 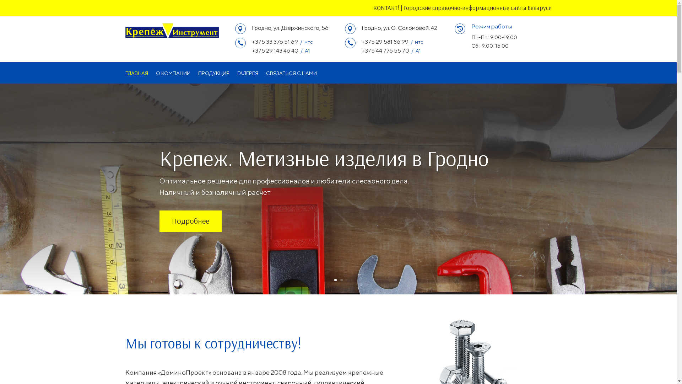 What do you see at coordinates (172, 30) in the screenshot?
I see `'logo3'` at bounding box center [172, 30].